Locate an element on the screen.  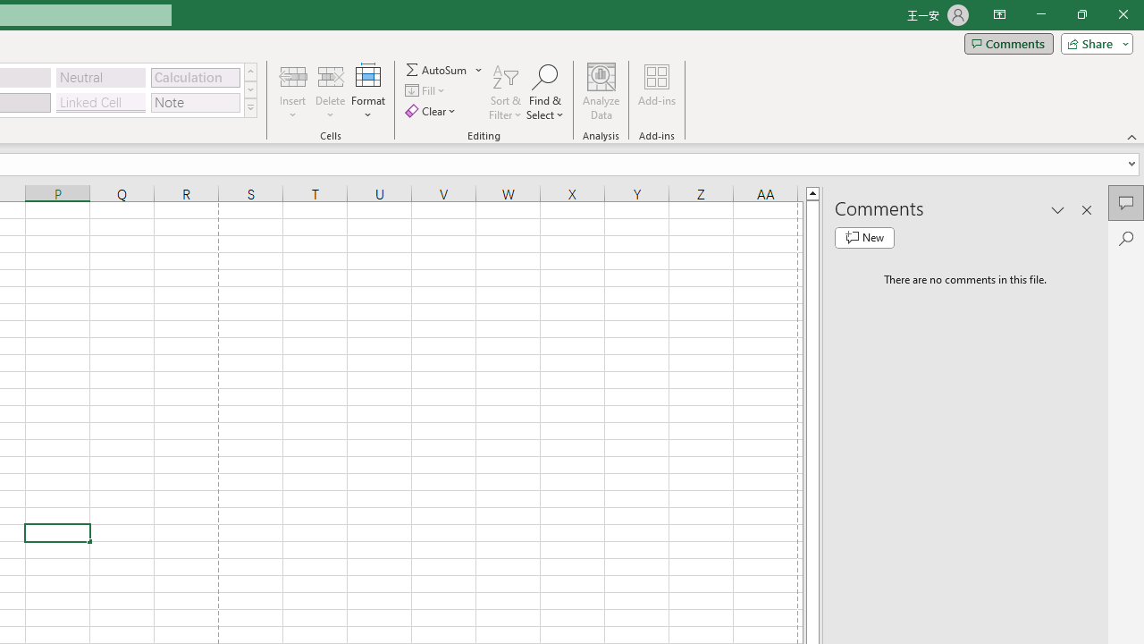
'Calculation' is located at coordinates (195, 76).